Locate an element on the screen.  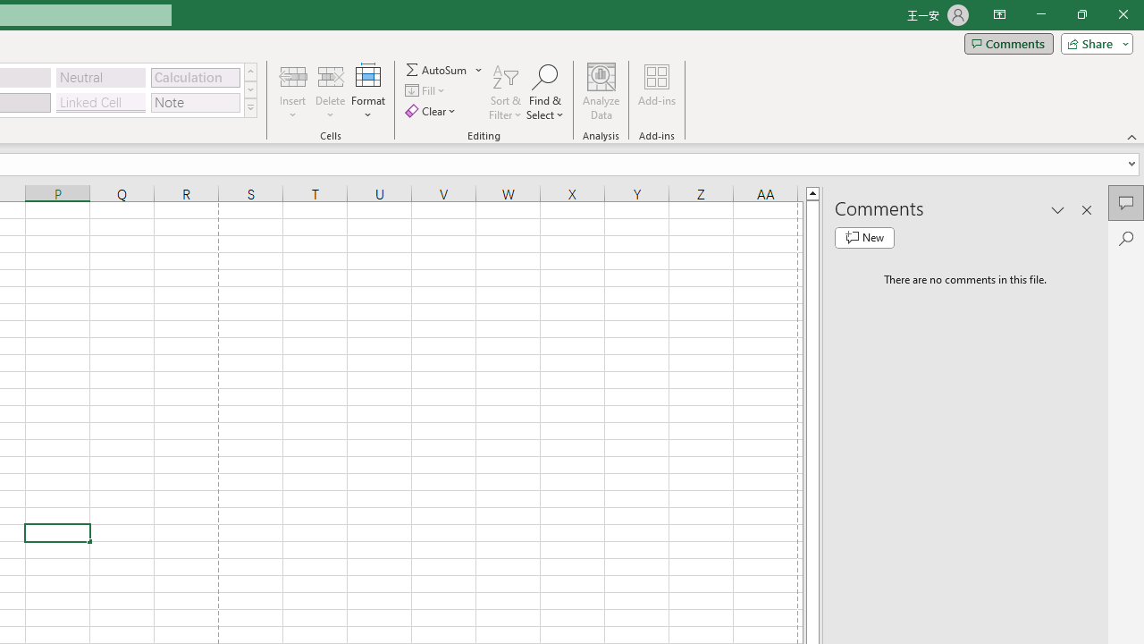
'Calculation' is located at coordinates (195, 76).